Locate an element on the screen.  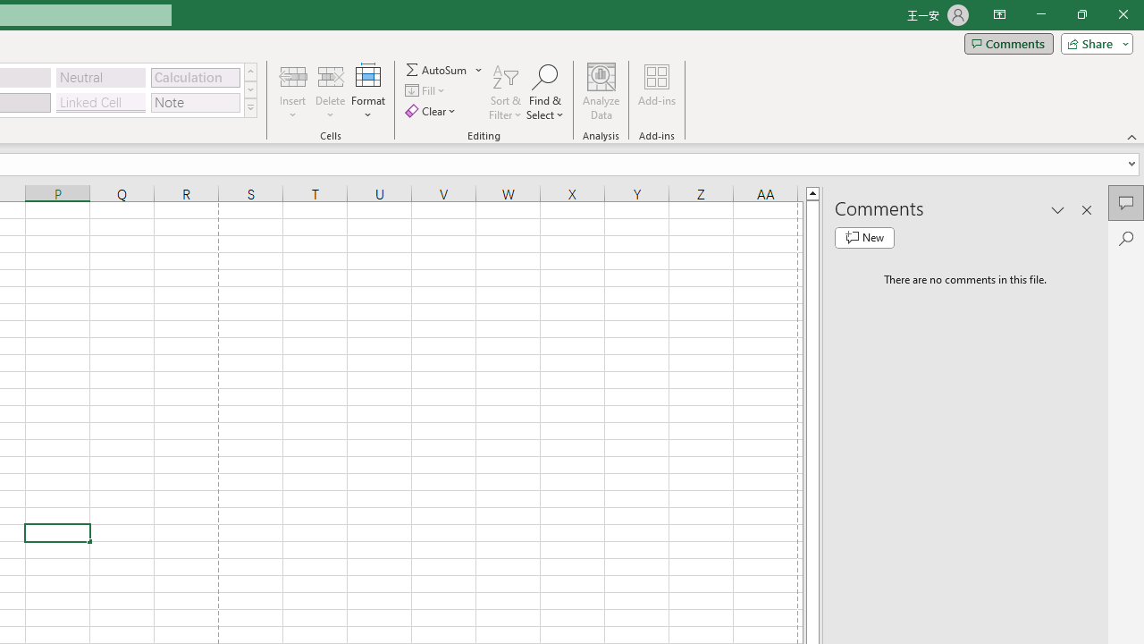
'Calculation' is located at coordinates (195, 76).